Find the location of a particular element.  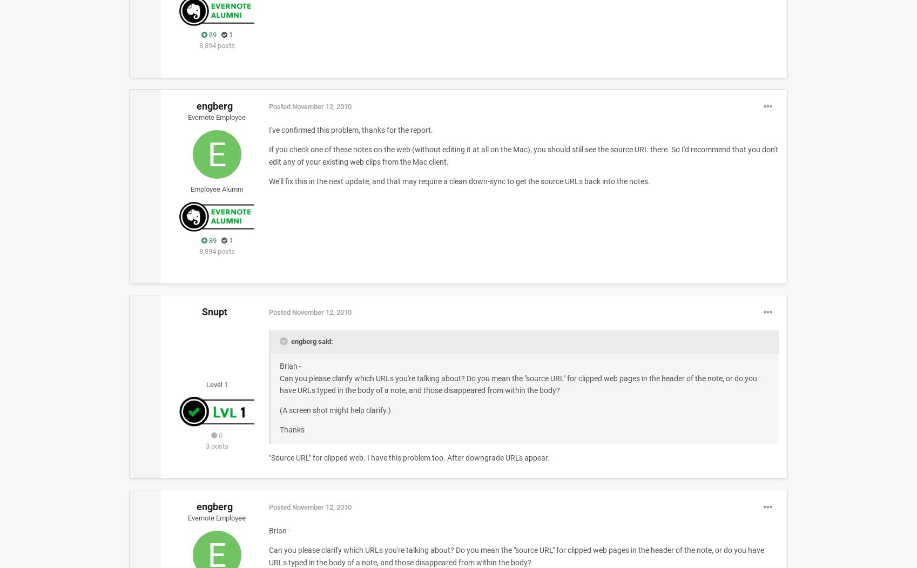

'Employee Alumni' is located at coordinates (217, 188).